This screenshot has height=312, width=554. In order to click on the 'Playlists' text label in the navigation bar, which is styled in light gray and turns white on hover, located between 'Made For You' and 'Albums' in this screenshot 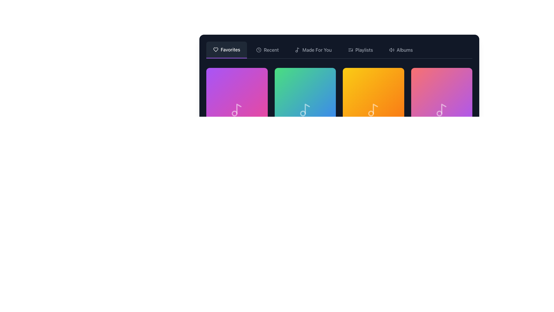, I will do `click(364, 50)`.